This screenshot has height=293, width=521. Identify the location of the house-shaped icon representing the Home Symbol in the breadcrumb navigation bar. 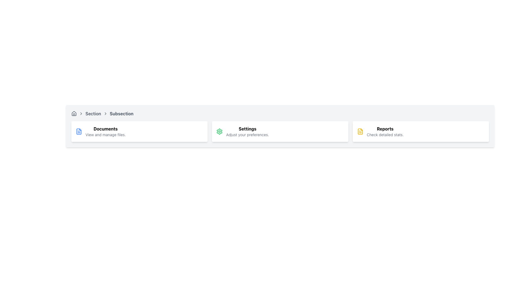
(74, 113).